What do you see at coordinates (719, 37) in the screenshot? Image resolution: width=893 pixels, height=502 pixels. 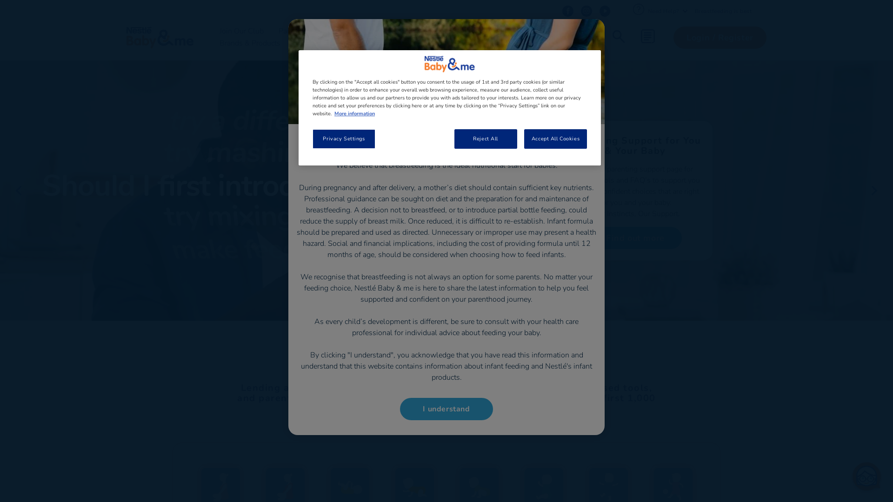 I see `'Login / Register'` at bounding box center [719, 37].